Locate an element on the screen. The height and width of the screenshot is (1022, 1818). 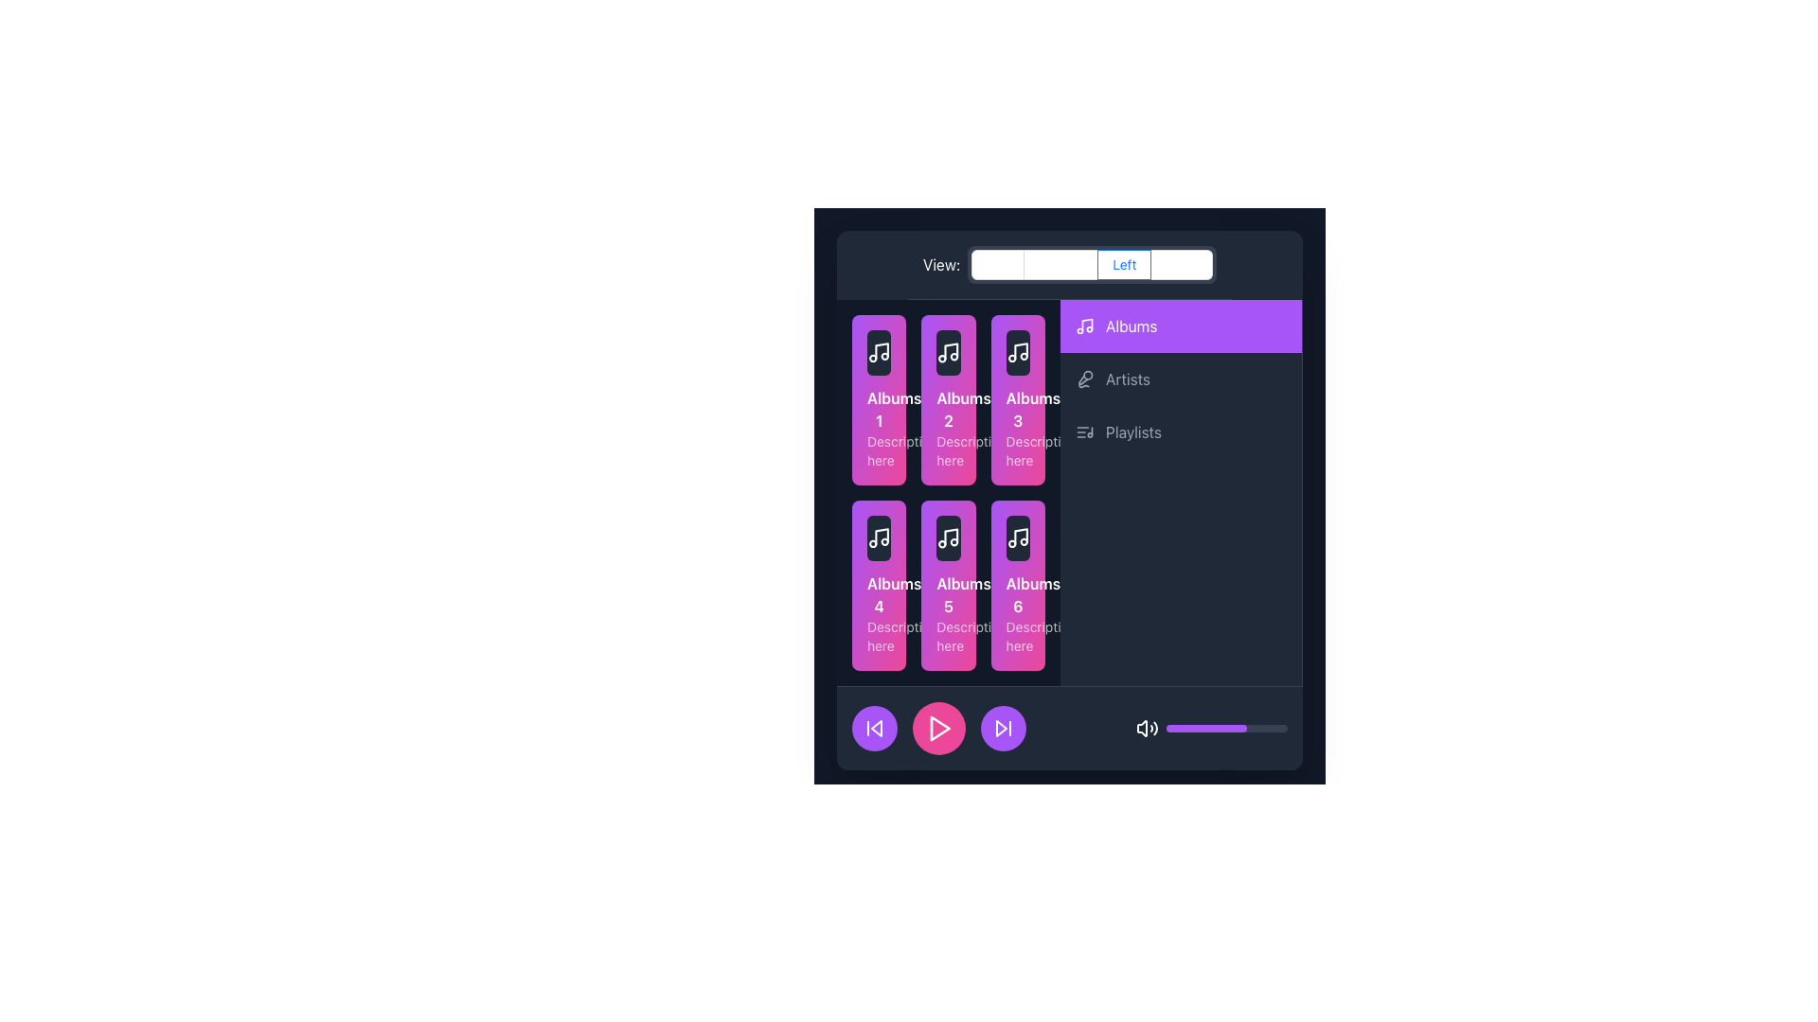
the volume is located at coordinates (1244, 728).